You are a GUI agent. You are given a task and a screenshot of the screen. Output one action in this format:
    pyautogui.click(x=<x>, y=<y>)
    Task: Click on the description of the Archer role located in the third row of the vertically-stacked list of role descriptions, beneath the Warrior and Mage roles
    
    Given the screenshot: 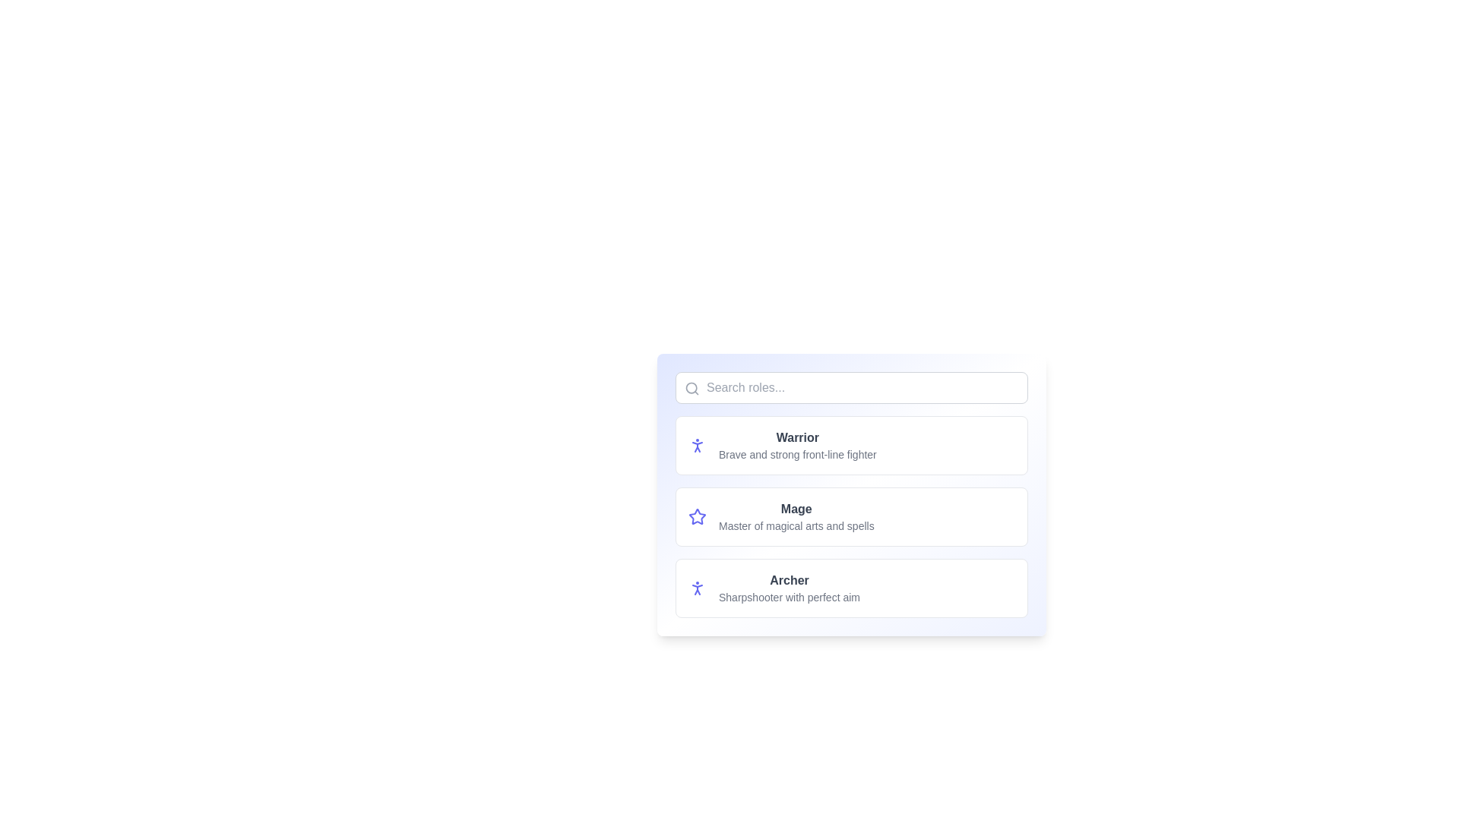 What is the action you would take?
    pyautogui.click(x=789, y=588)
    